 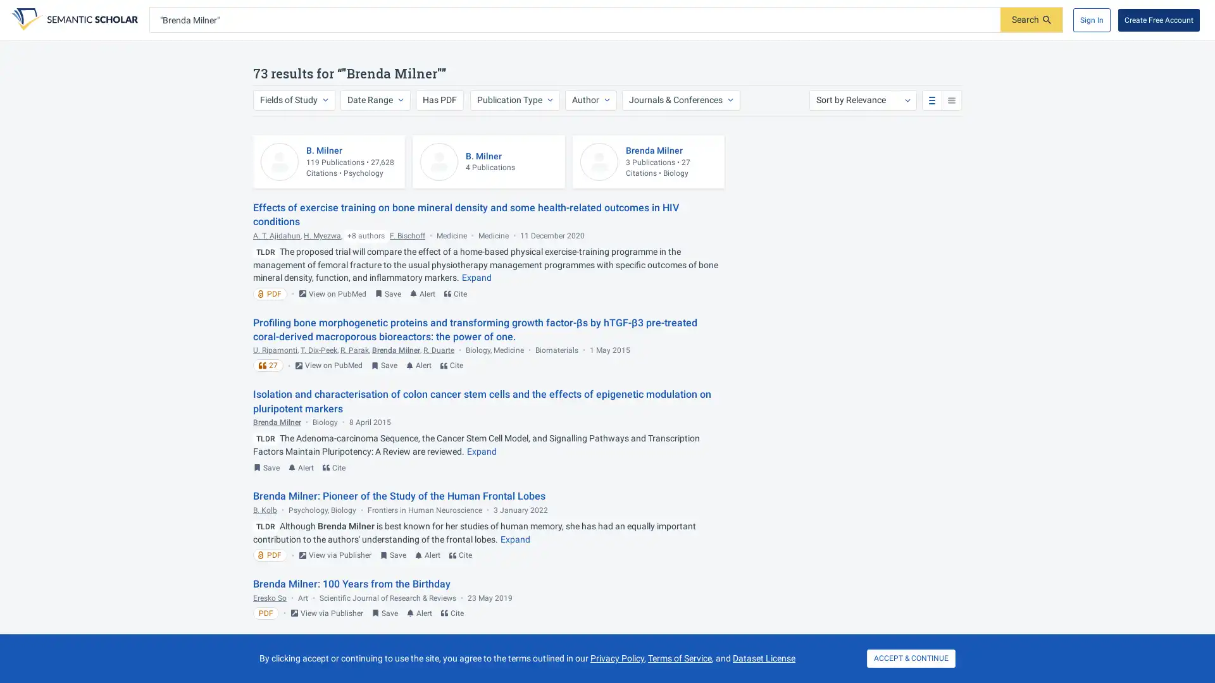 What do you see at coordinates (439, 99) in the screenshot?
I see `Has PDF` at bounding box center [439, 99].